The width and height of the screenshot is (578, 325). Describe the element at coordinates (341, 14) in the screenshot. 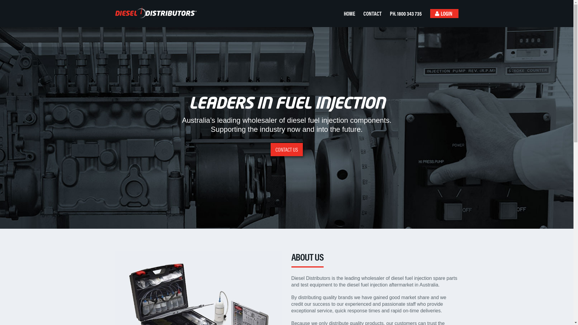

I see `'HOME'` at that location.